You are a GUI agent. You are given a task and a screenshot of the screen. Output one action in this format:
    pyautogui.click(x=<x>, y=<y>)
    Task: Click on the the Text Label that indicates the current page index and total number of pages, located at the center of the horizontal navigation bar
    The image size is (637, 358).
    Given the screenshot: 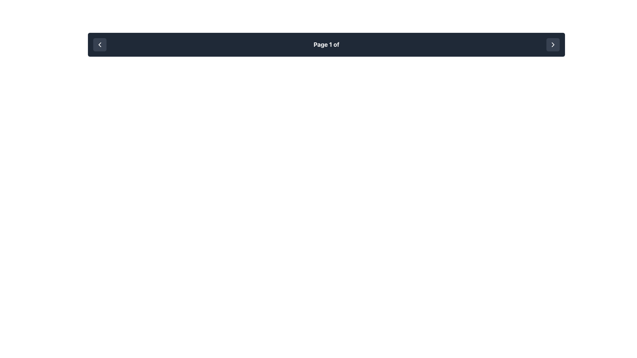 What is the action you would take?
    pyautogui.click(x=326, y=44)
    